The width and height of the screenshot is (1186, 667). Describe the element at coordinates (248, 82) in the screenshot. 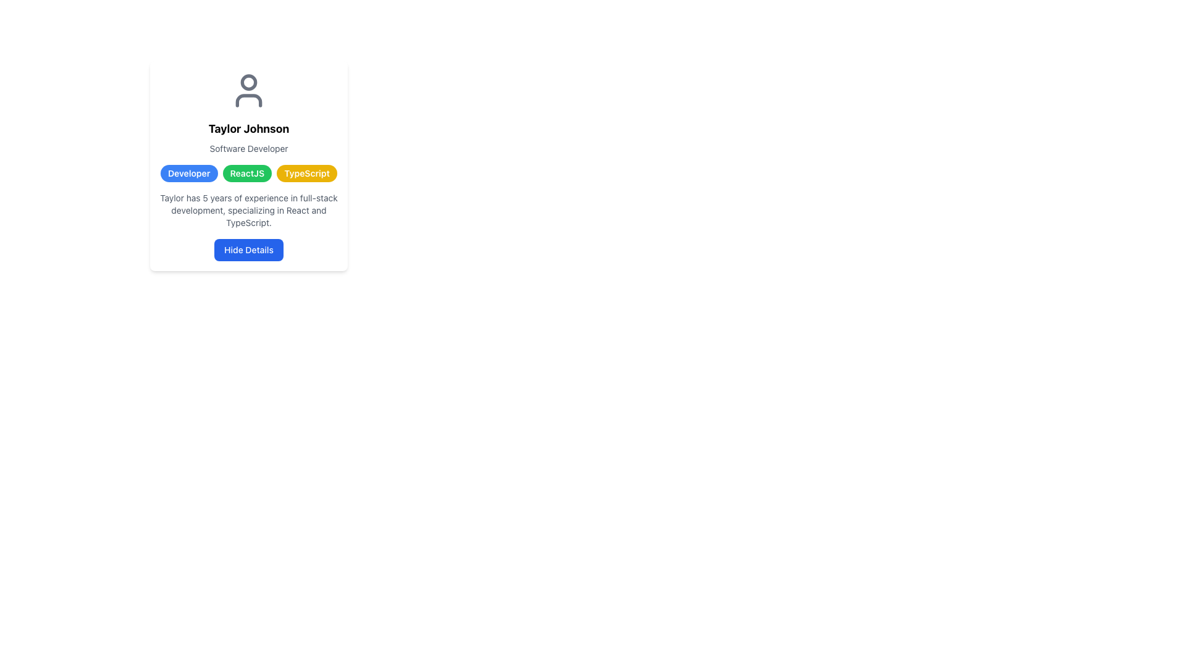

I see `the circular graphical component that represents the user icon's head, located centrally above the name and role information` at that location.